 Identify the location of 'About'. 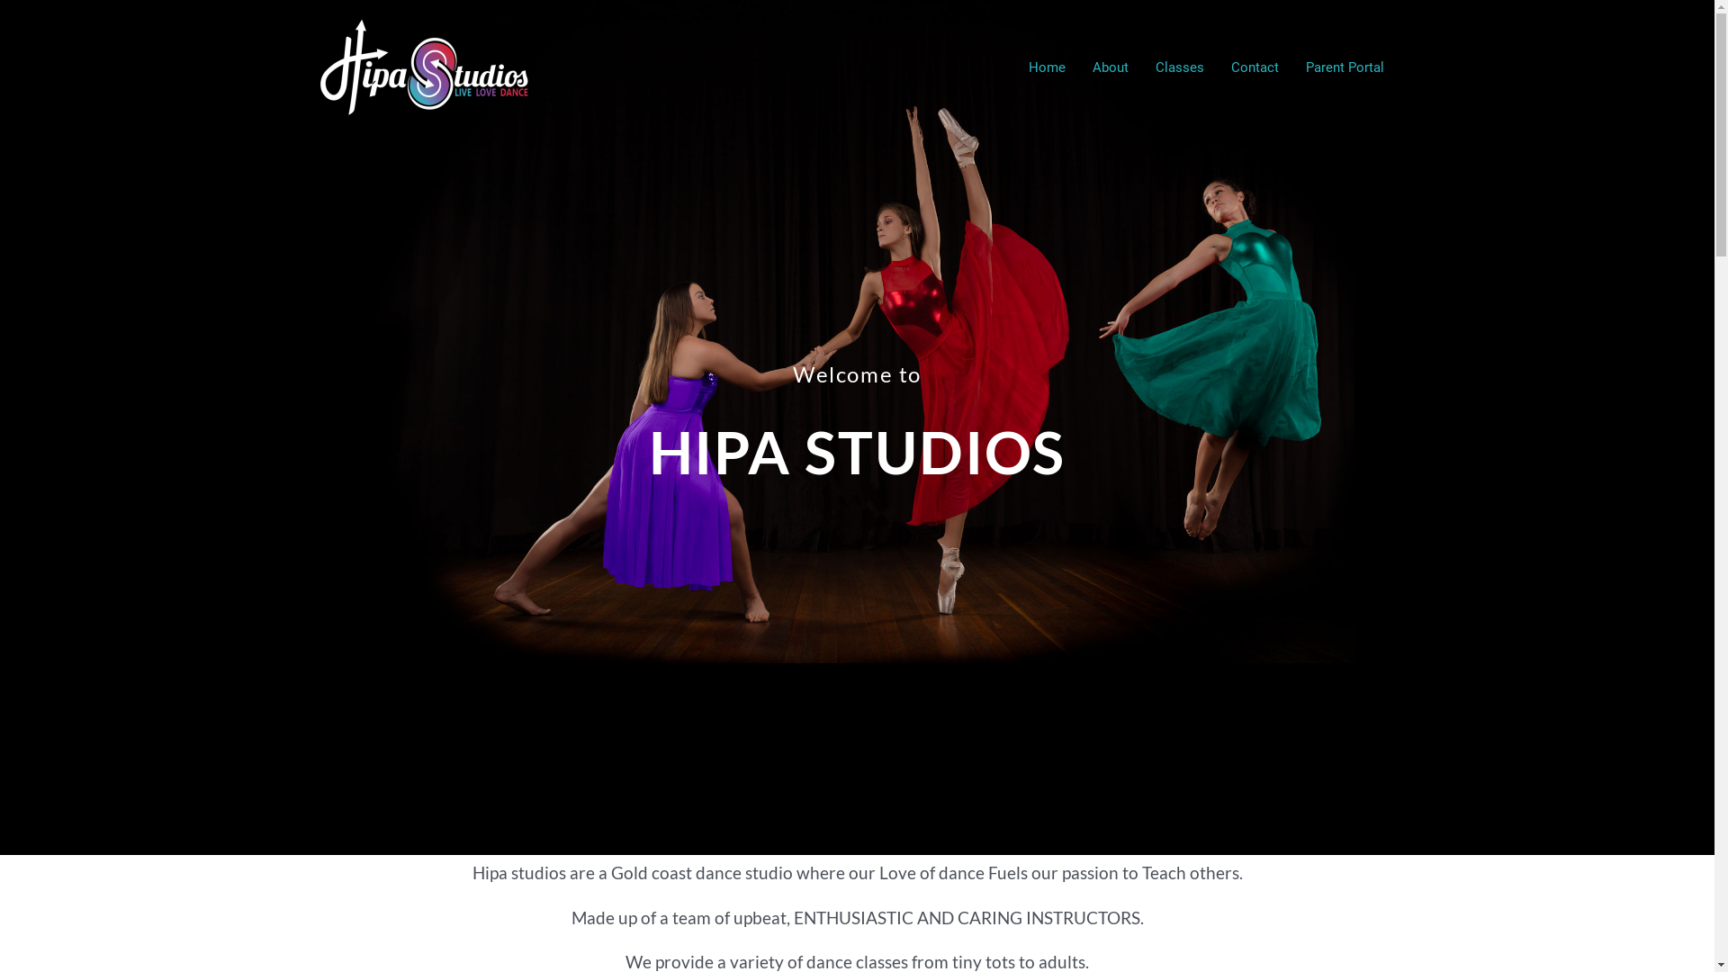
(1109, 66).